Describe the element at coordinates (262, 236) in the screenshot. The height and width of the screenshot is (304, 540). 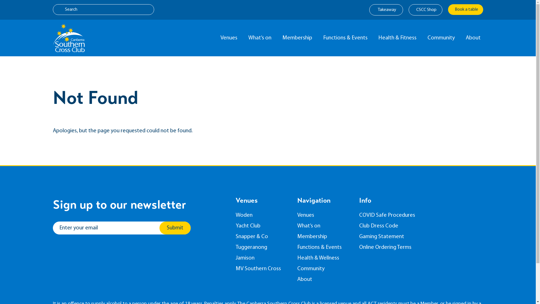
I see `'Snapper & Co'` at that location.